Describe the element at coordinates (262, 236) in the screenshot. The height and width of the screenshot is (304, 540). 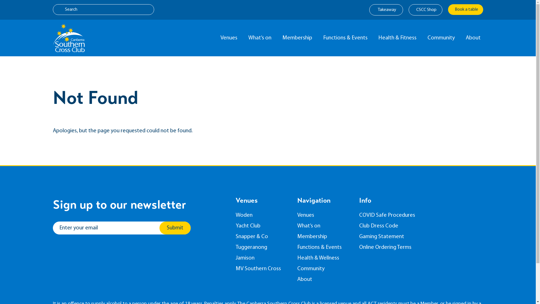
I see `'Snapper & Co'` at that location.